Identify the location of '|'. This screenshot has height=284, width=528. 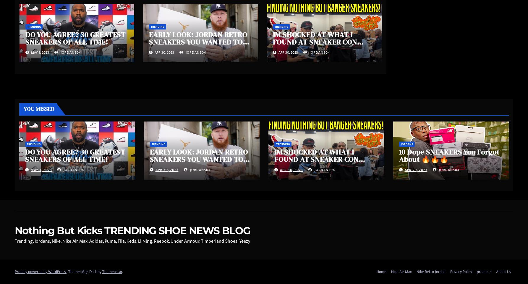
(67, 272).